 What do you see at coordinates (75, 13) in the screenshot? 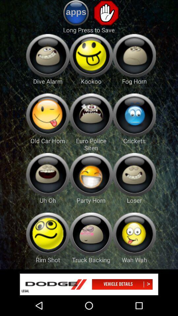
I see `find more apps` at bounding box center [75, 13].